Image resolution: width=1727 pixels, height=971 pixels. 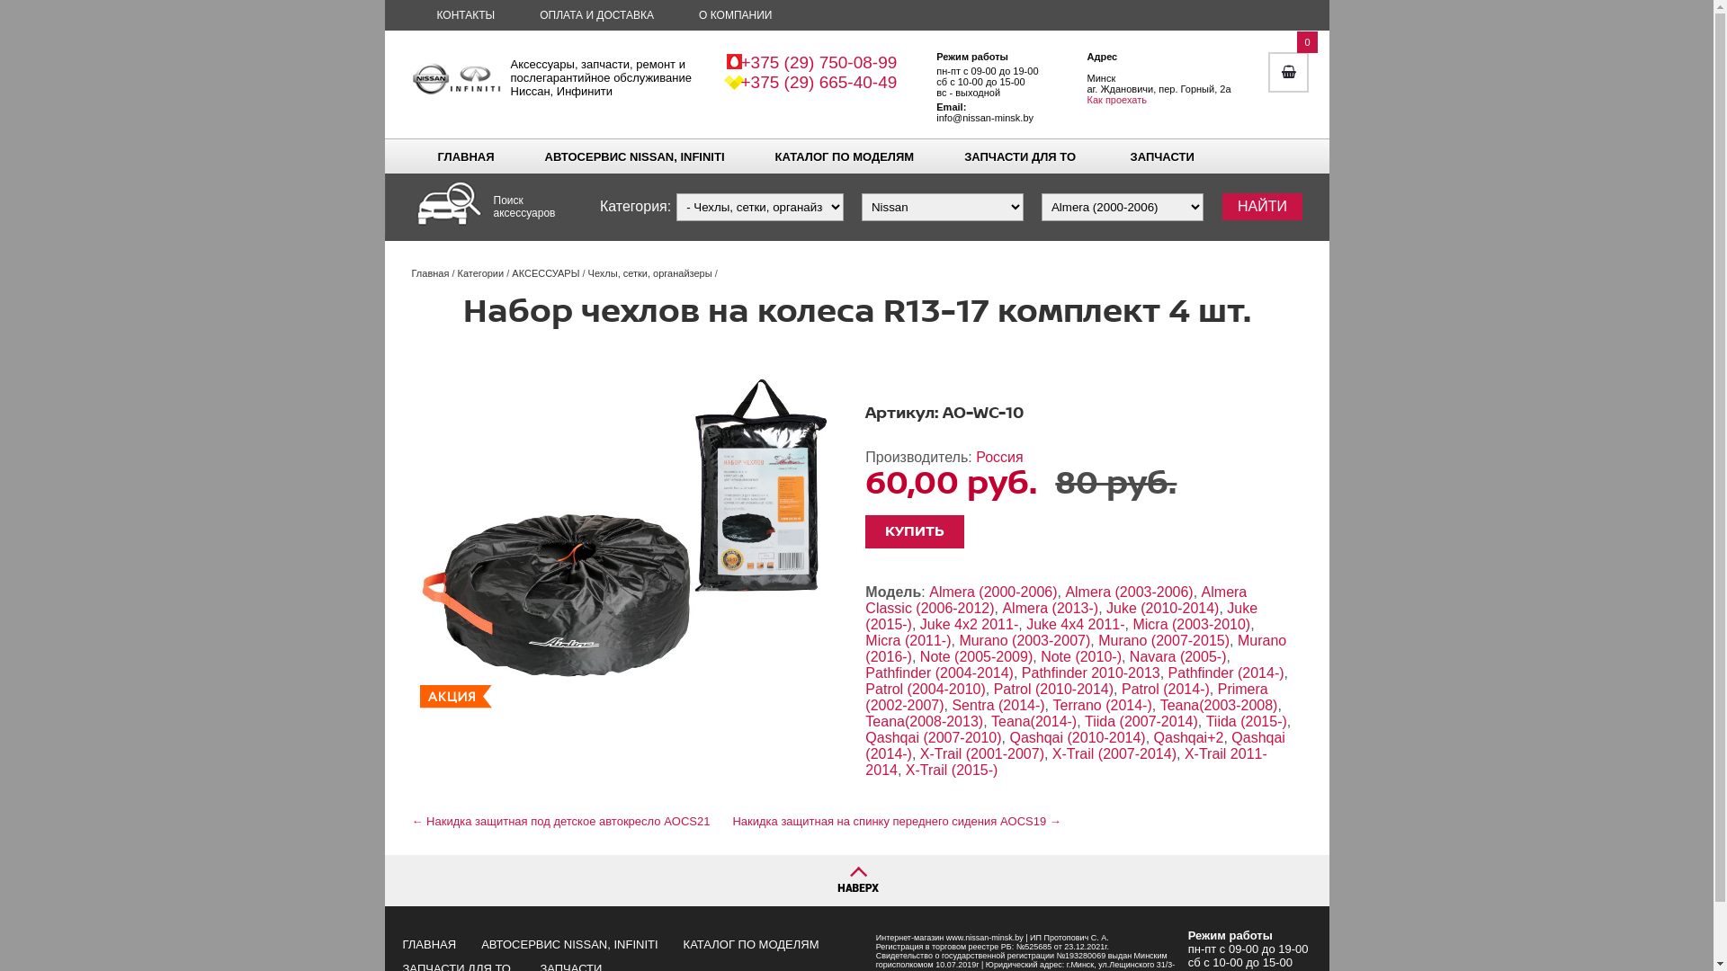 I want to click on 'Qashqai (2007-2010)', so click(x=933, y=737).